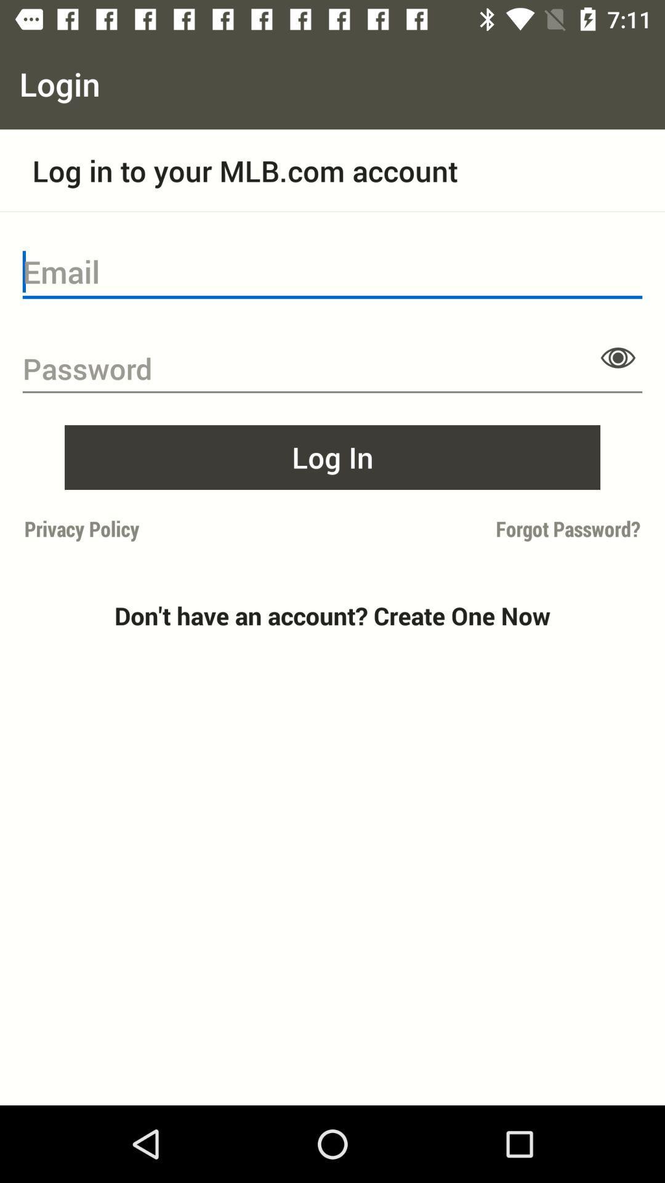  I want to click on show, so click(618, 357).